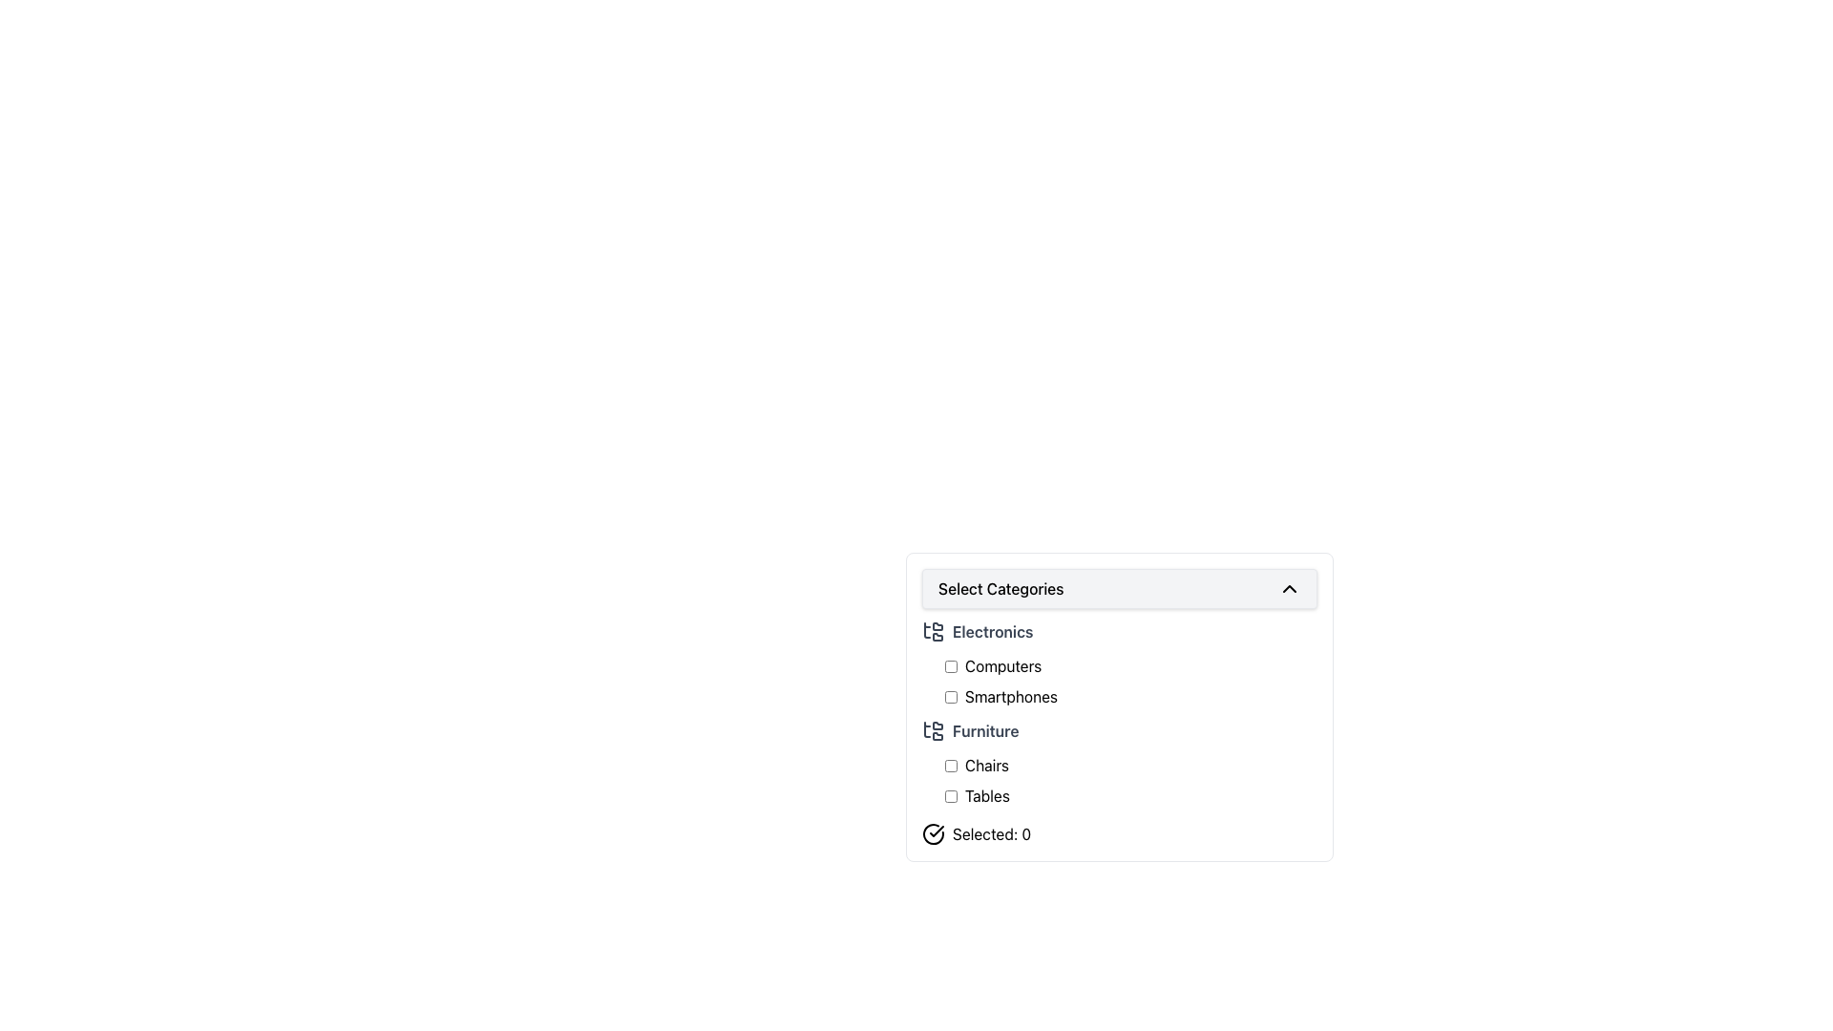 Image resolution: width=1833 pixels, height=1031 pixels. I want to click on the checkbox next to the 'Chairs' item in the selectable list under the 'Furniture' category, so click(1131, 765).